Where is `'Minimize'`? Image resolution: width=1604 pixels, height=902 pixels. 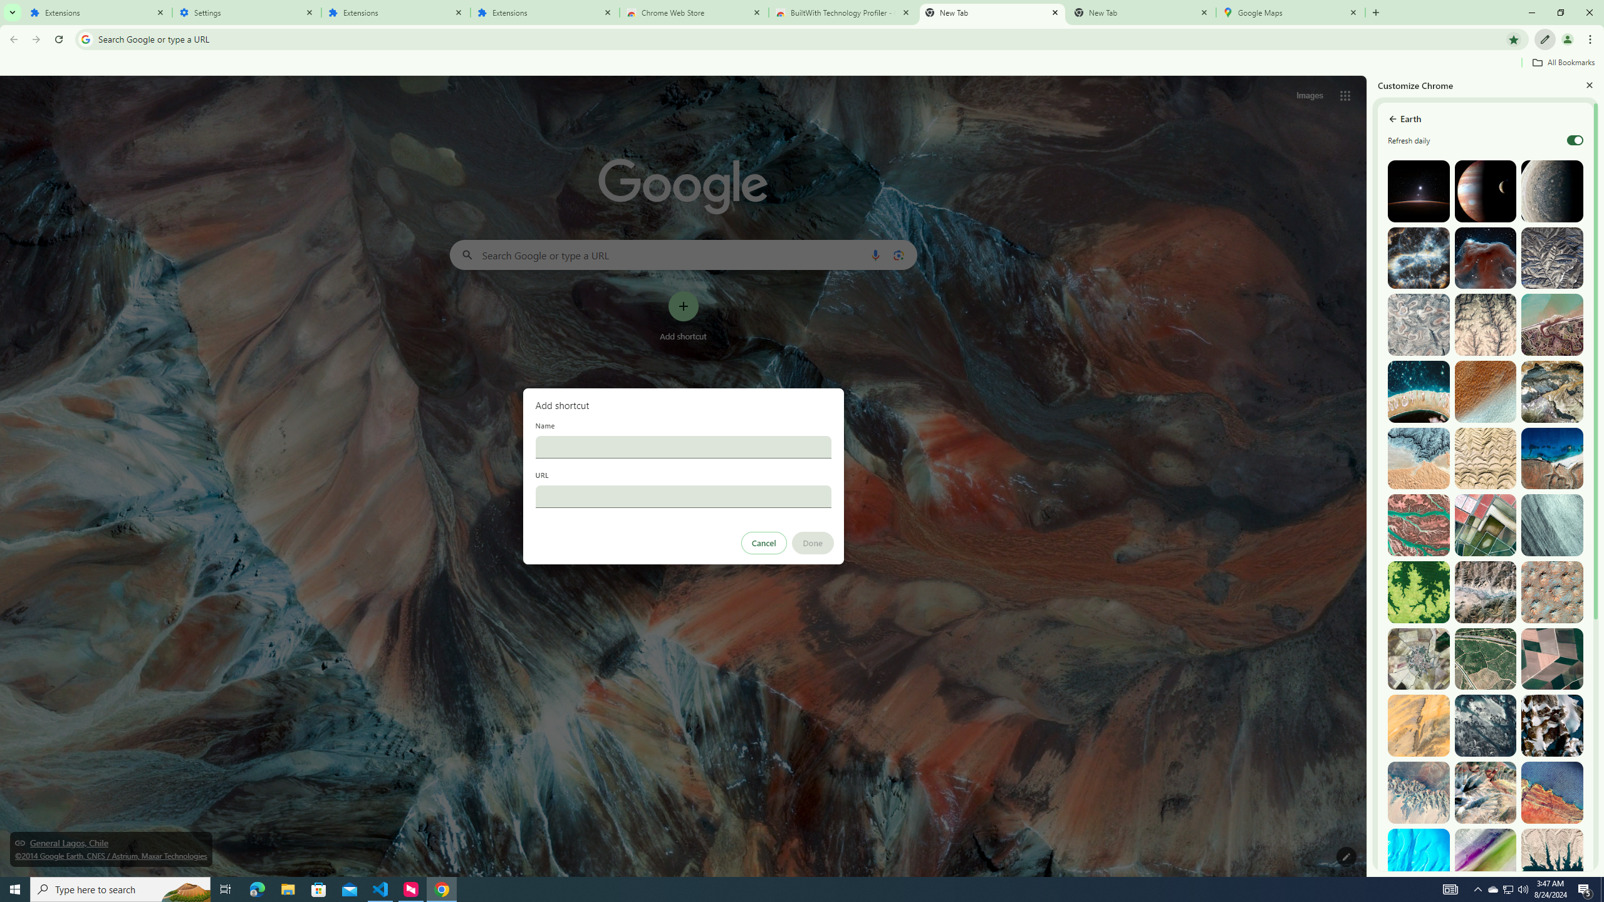 'Minimize' is located at coordinates (1531, 12).